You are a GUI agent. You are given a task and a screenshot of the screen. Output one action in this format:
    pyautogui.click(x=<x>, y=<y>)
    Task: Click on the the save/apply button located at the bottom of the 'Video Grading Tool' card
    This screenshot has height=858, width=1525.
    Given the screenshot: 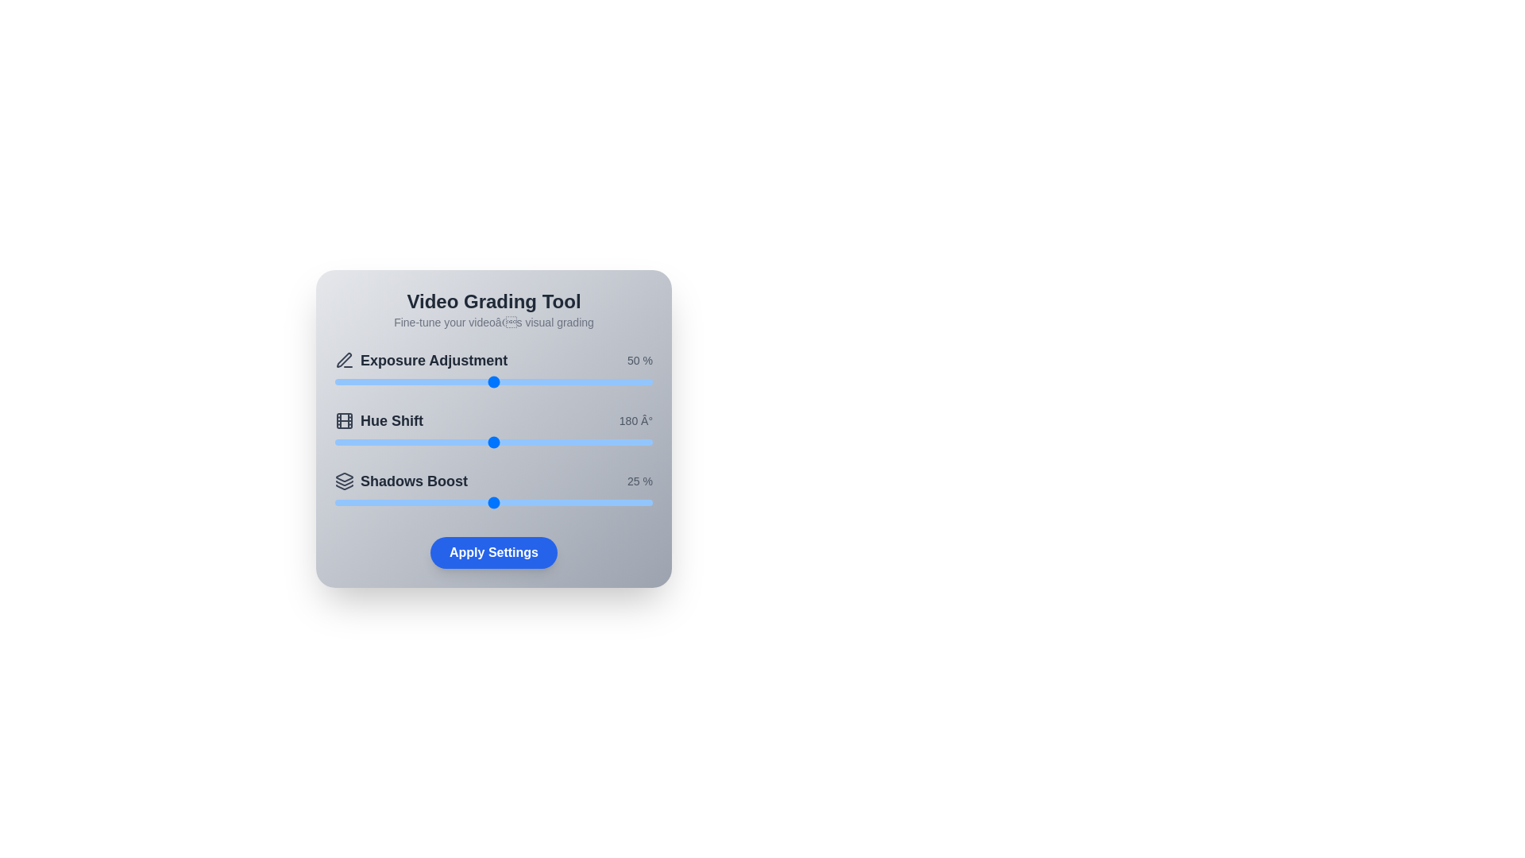 What is the action you would take?
    pyautogui.click(x=493, y=551)
    